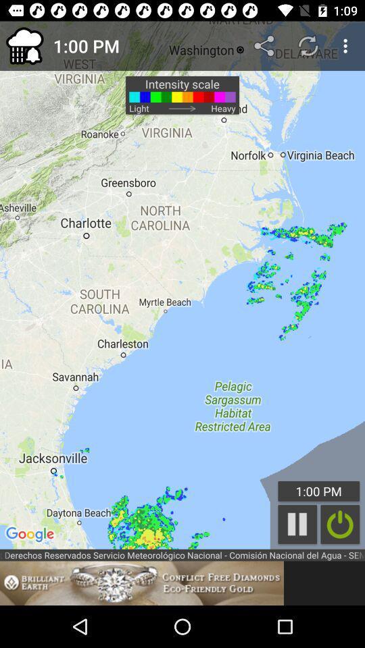 The image size is (365, 648). Describe the element at coordinates (266, 46) in the screenshot. I see `item next to 1:00 pm app` at that location.